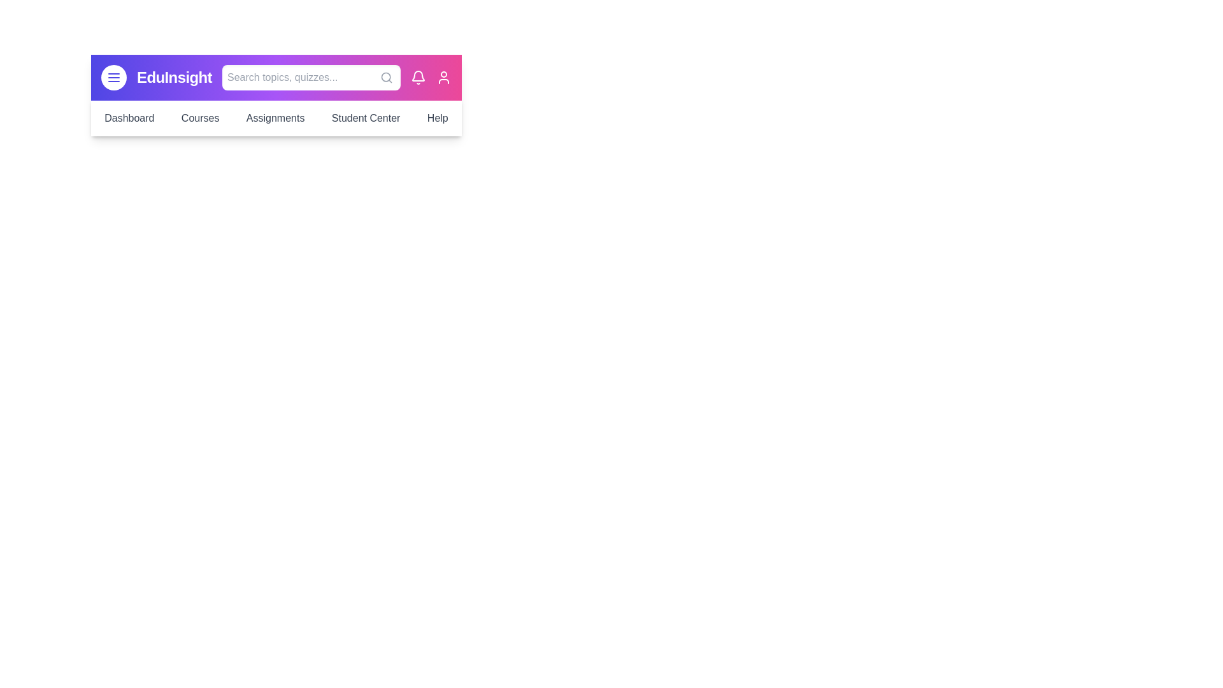 This screenshot has height=688, width=1223. Describe the element at coordinates (113, 78) in the screenshot. I see `the menu button to toggle the menu open/close state` at that location.